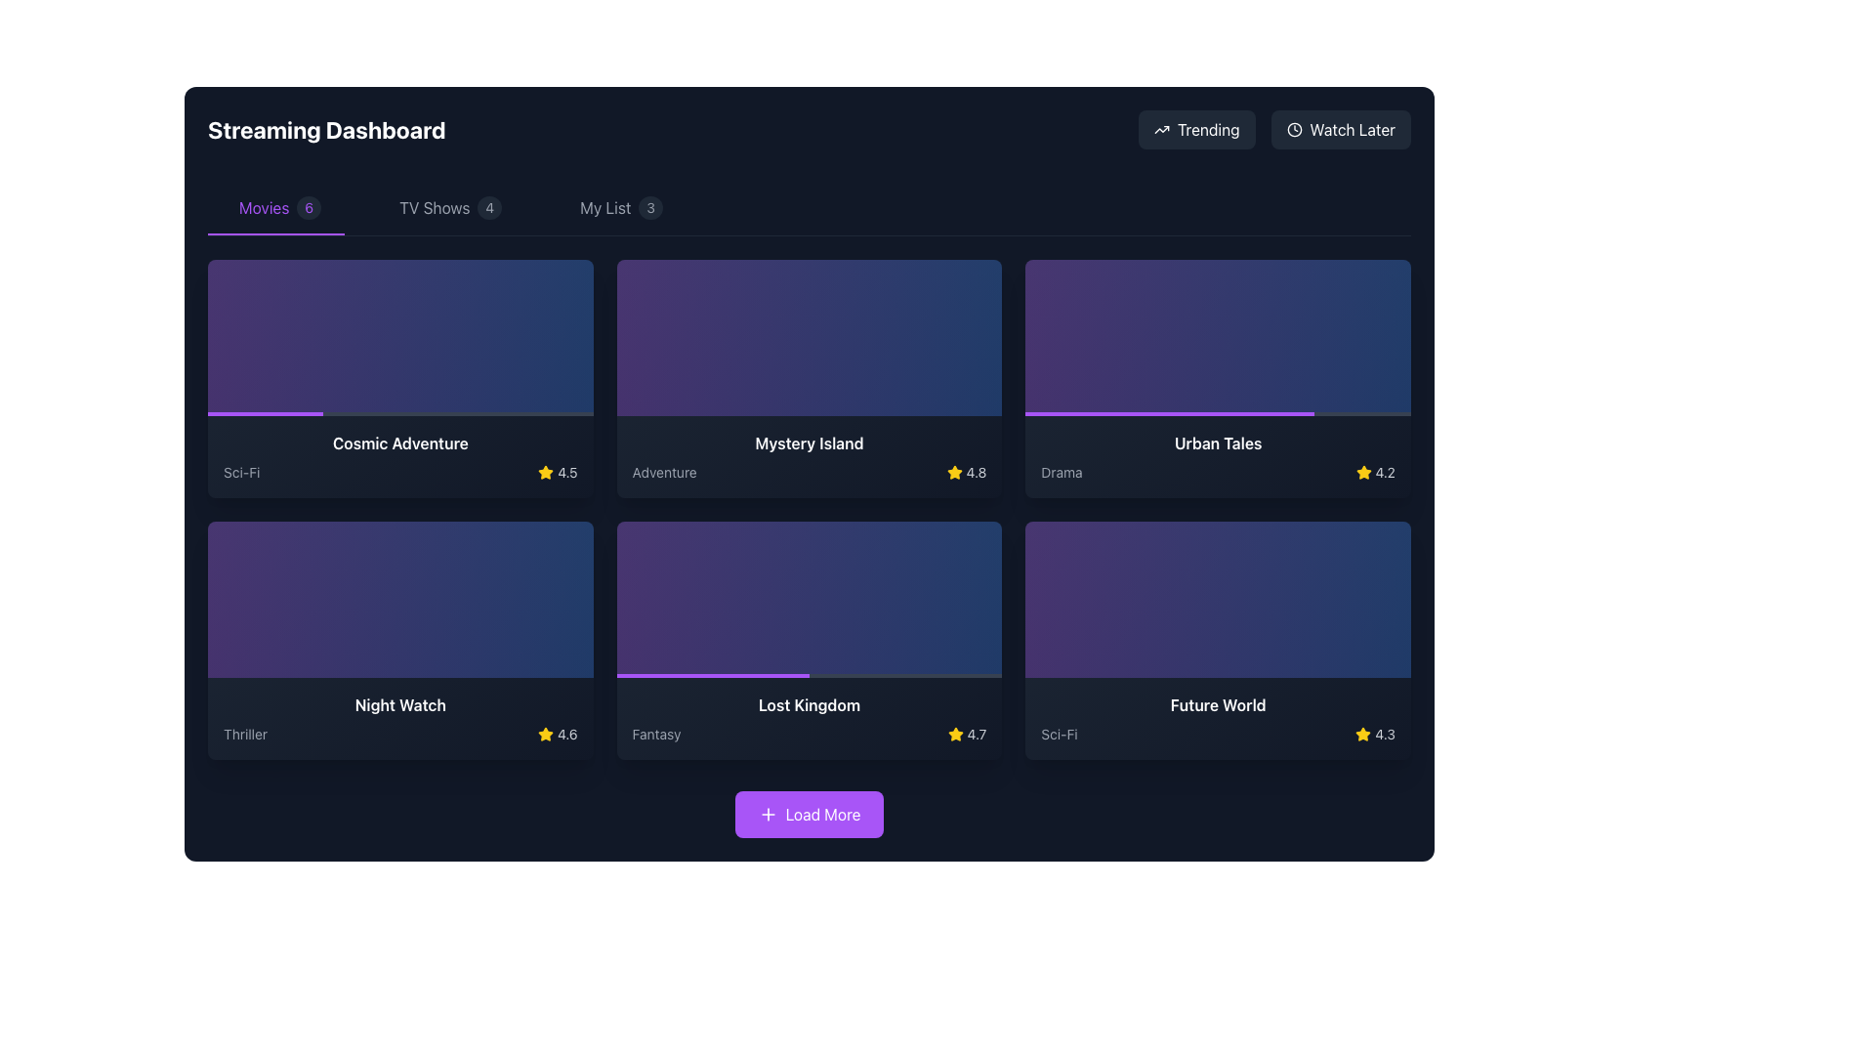 The height and width of the screenshot is (1055, 1875). What do you see at coordinates (1374, 735) in the screenshot?
I see `the rating score displayed as '4.3' next to the filled yellow star icon at the bottom-right corner of the 'Future World' card` at bounding box center [1374, 735].